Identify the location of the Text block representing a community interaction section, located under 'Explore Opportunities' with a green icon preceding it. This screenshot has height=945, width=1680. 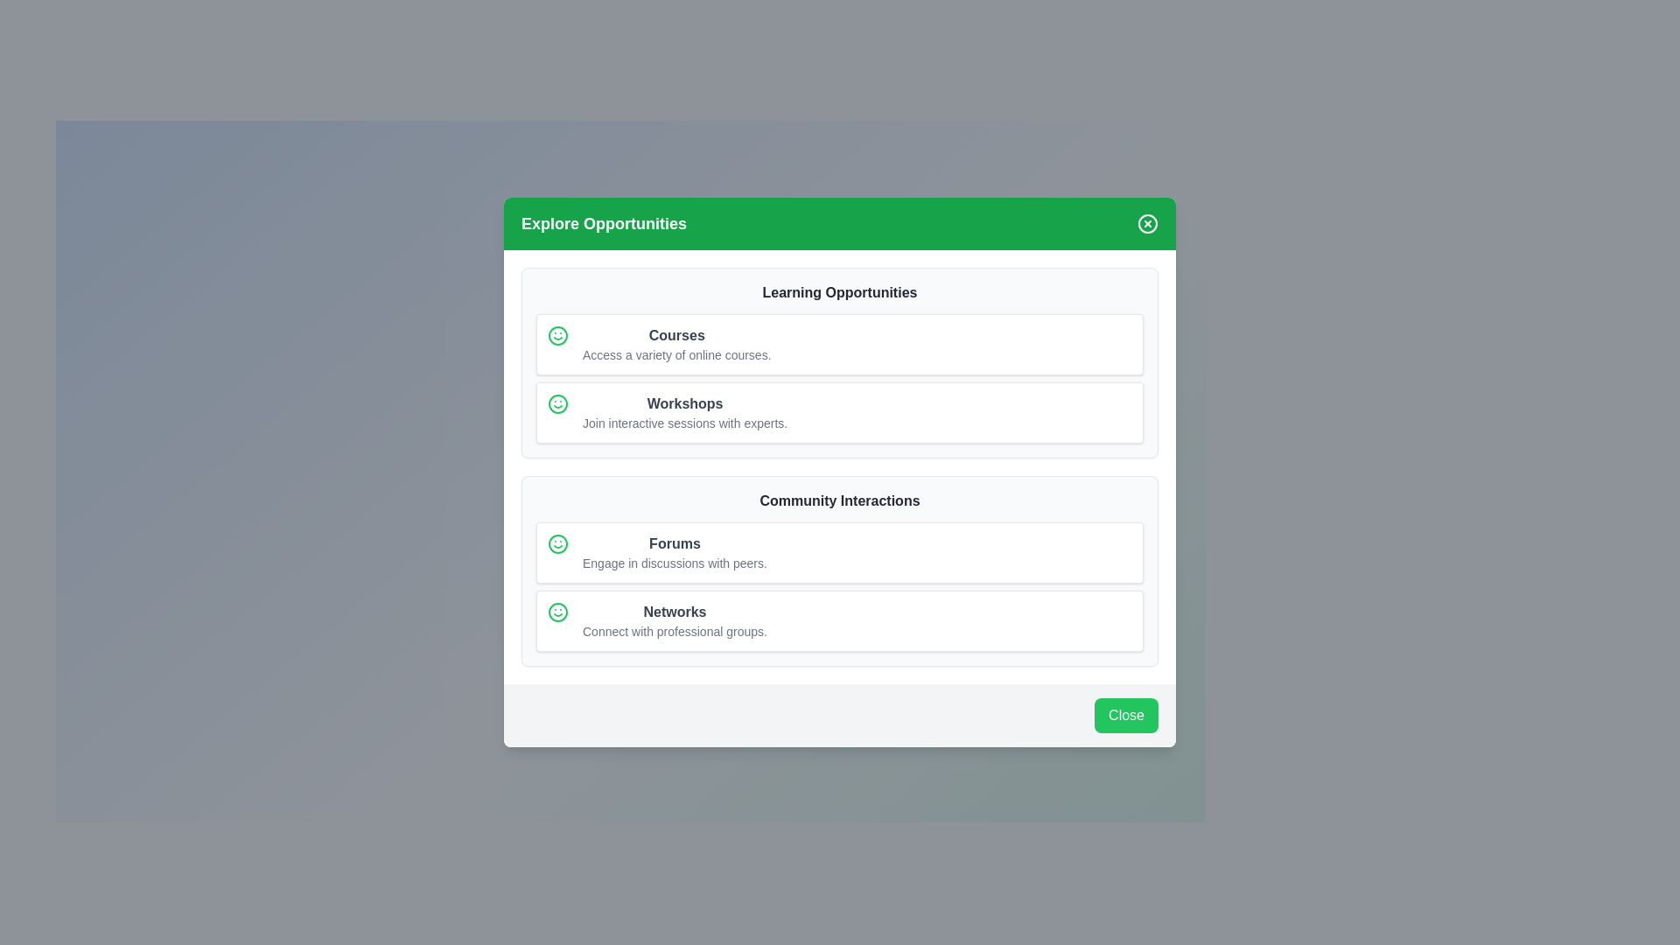
(674, 553).